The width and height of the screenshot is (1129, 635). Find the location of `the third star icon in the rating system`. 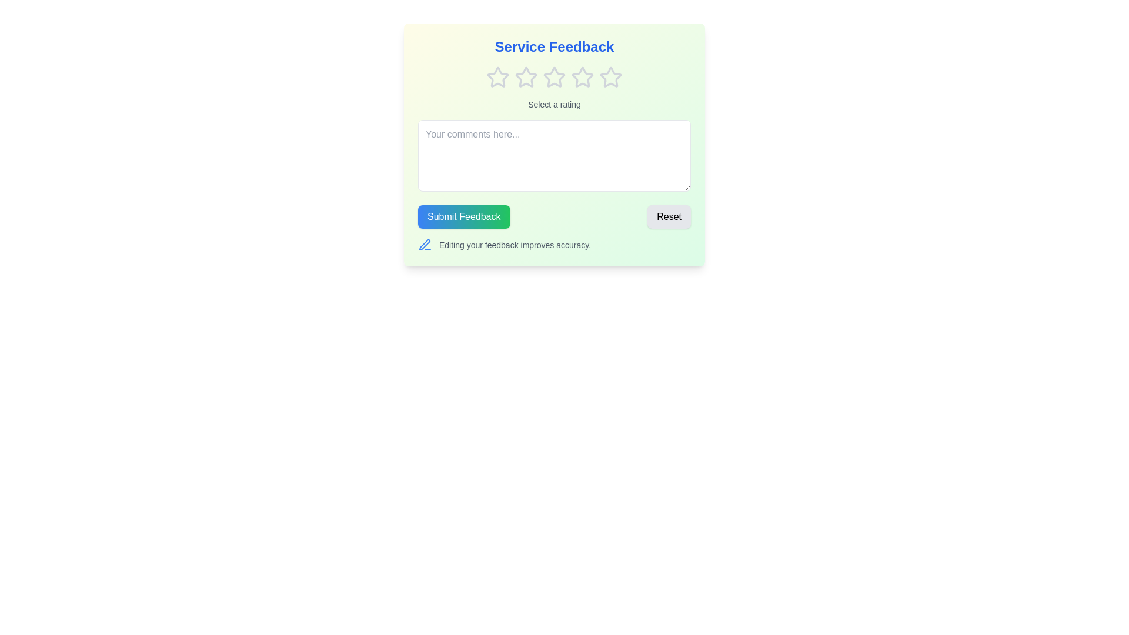

the third star icon in the rating system is located at coordinates (582, 77).